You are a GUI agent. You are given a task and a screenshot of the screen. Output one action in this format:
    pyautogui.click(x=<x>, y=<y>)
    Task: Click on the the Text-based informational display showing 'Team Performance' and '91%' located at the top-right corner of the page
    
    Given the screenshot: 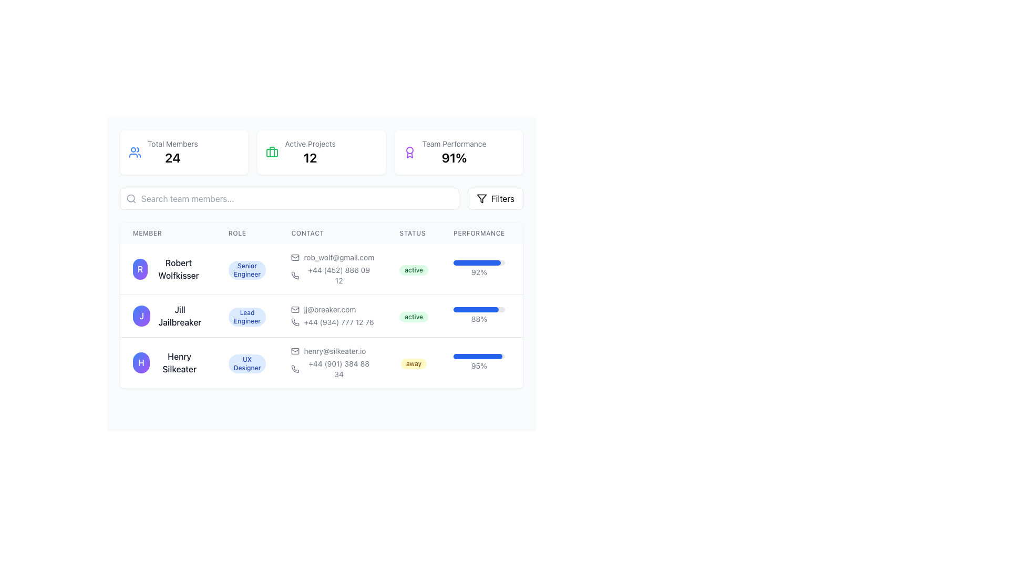 What is the action you would take?
    pyautogui.click(x=454, y=152)
    